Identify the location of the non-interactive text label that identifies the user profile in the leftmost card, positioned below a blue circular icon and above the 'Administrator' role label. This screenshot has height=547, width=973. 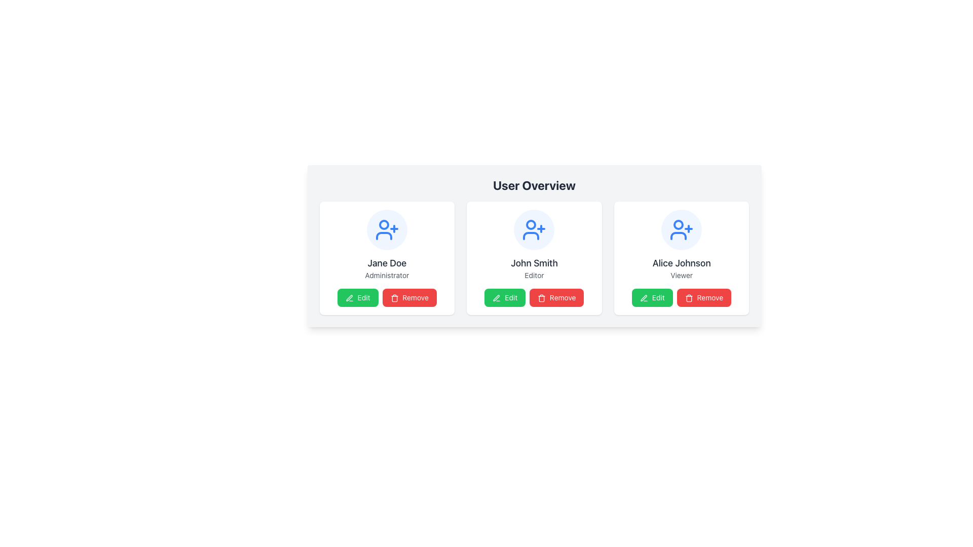
(386, 263).